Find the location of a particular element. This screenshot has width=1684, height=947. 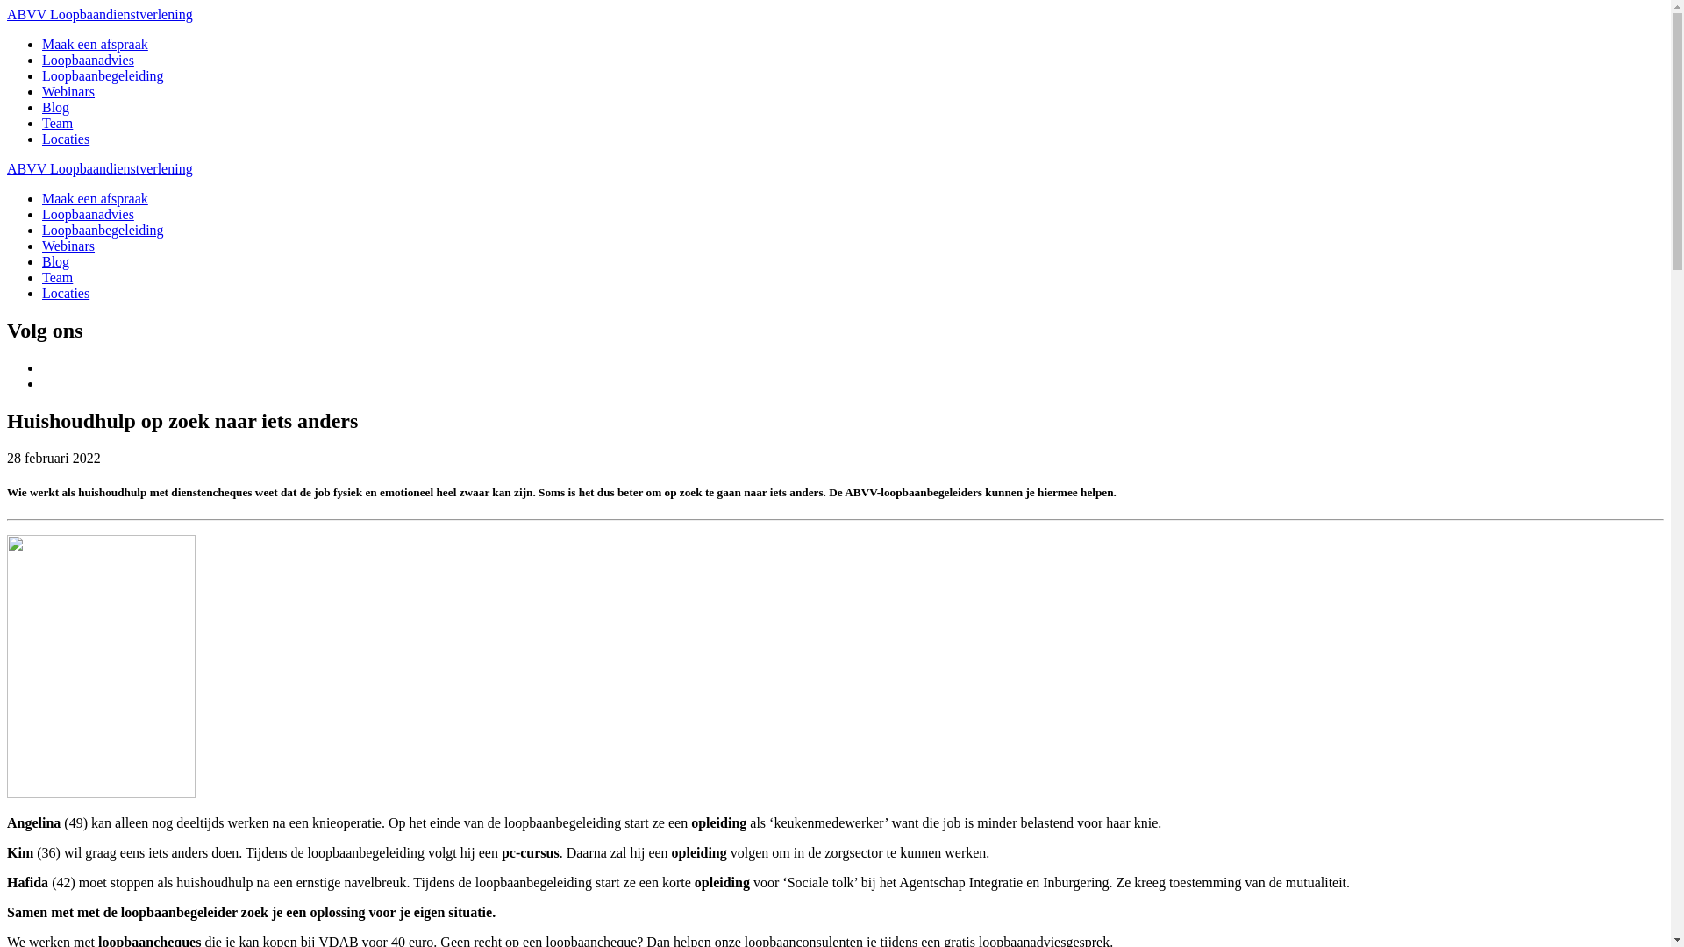

'Locaties' is located at coordinates (66, 138).